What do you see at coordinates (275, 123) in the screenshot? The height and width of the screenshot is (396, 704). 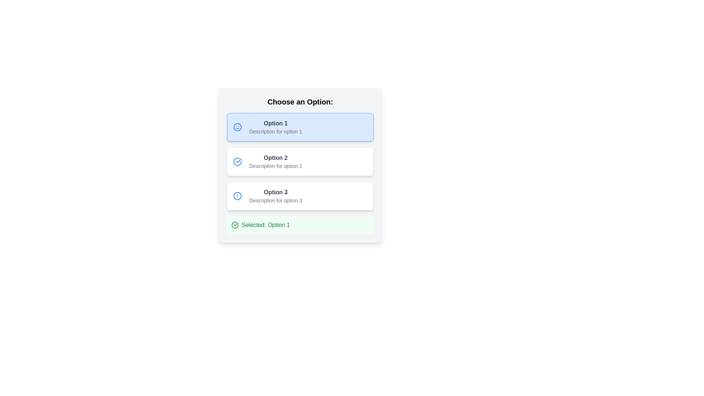 I see `text element displaying 'Option 1' in bold, located at the upper left section of a blue rectangular card` at bounding box center [275, 123].